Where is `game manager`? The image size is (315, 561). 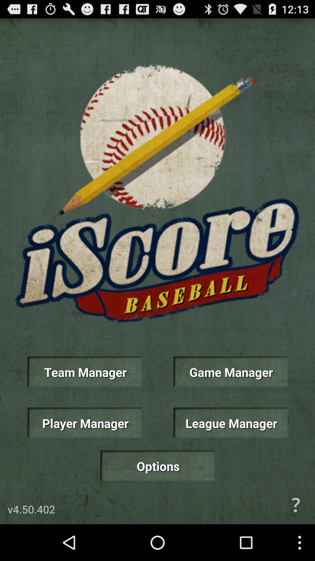 game manager is located at coordinates (230, 371).